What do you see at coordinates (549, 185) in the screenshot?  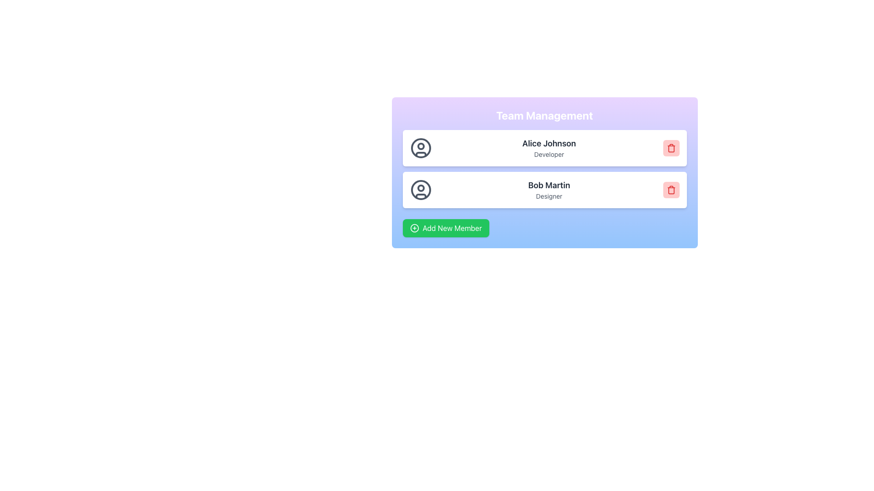 I see `text 'Bob Martin' displayed in the second card of the 'Team Management' section, positioned above the designation text 'Designer' and to the right of a user silhouette icon` at bounding box center [549, 185].